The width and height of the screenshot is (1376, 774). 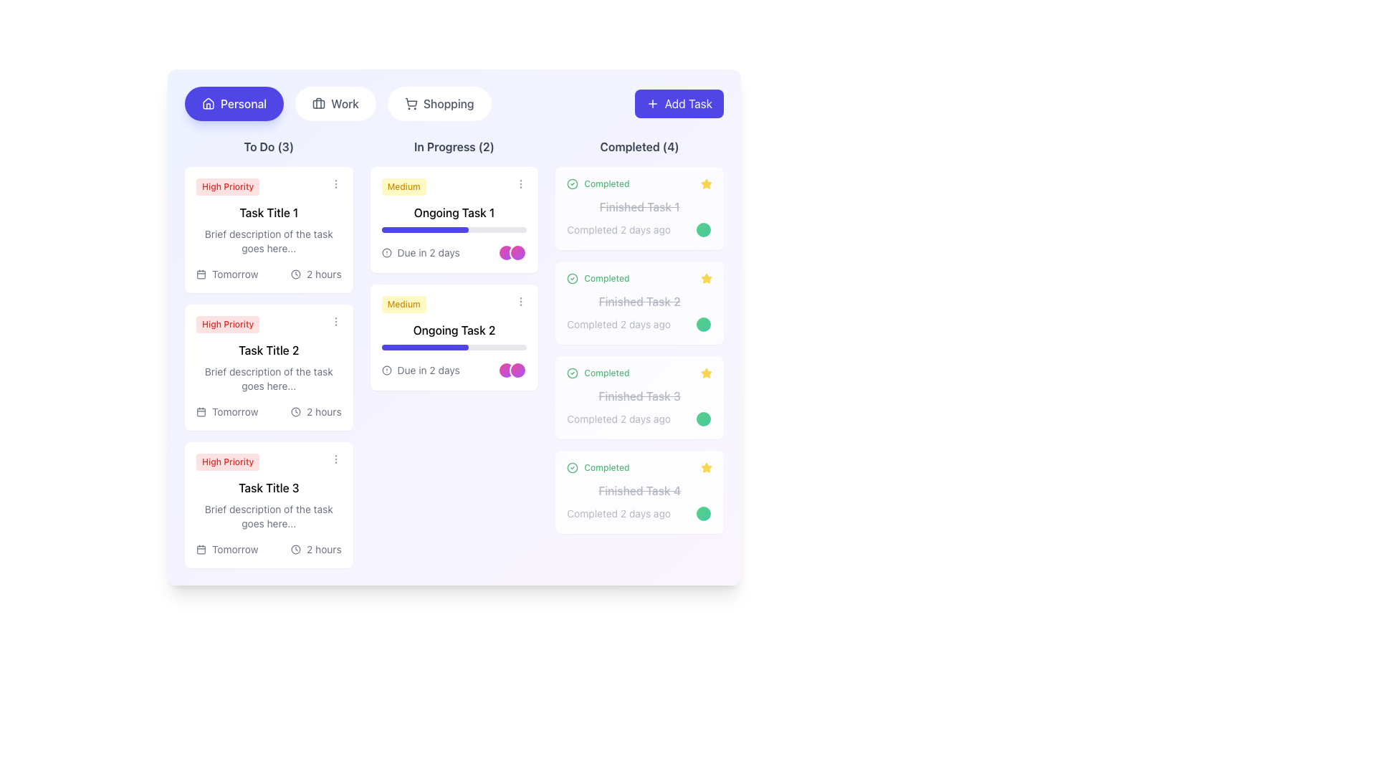 I want to click on the circular icon with a checkmark, which indicates a successful status, located beside the text 'Completed' in the task management interface, specifically to the left of 'Finished Task 1', so click(x=572, y=183).